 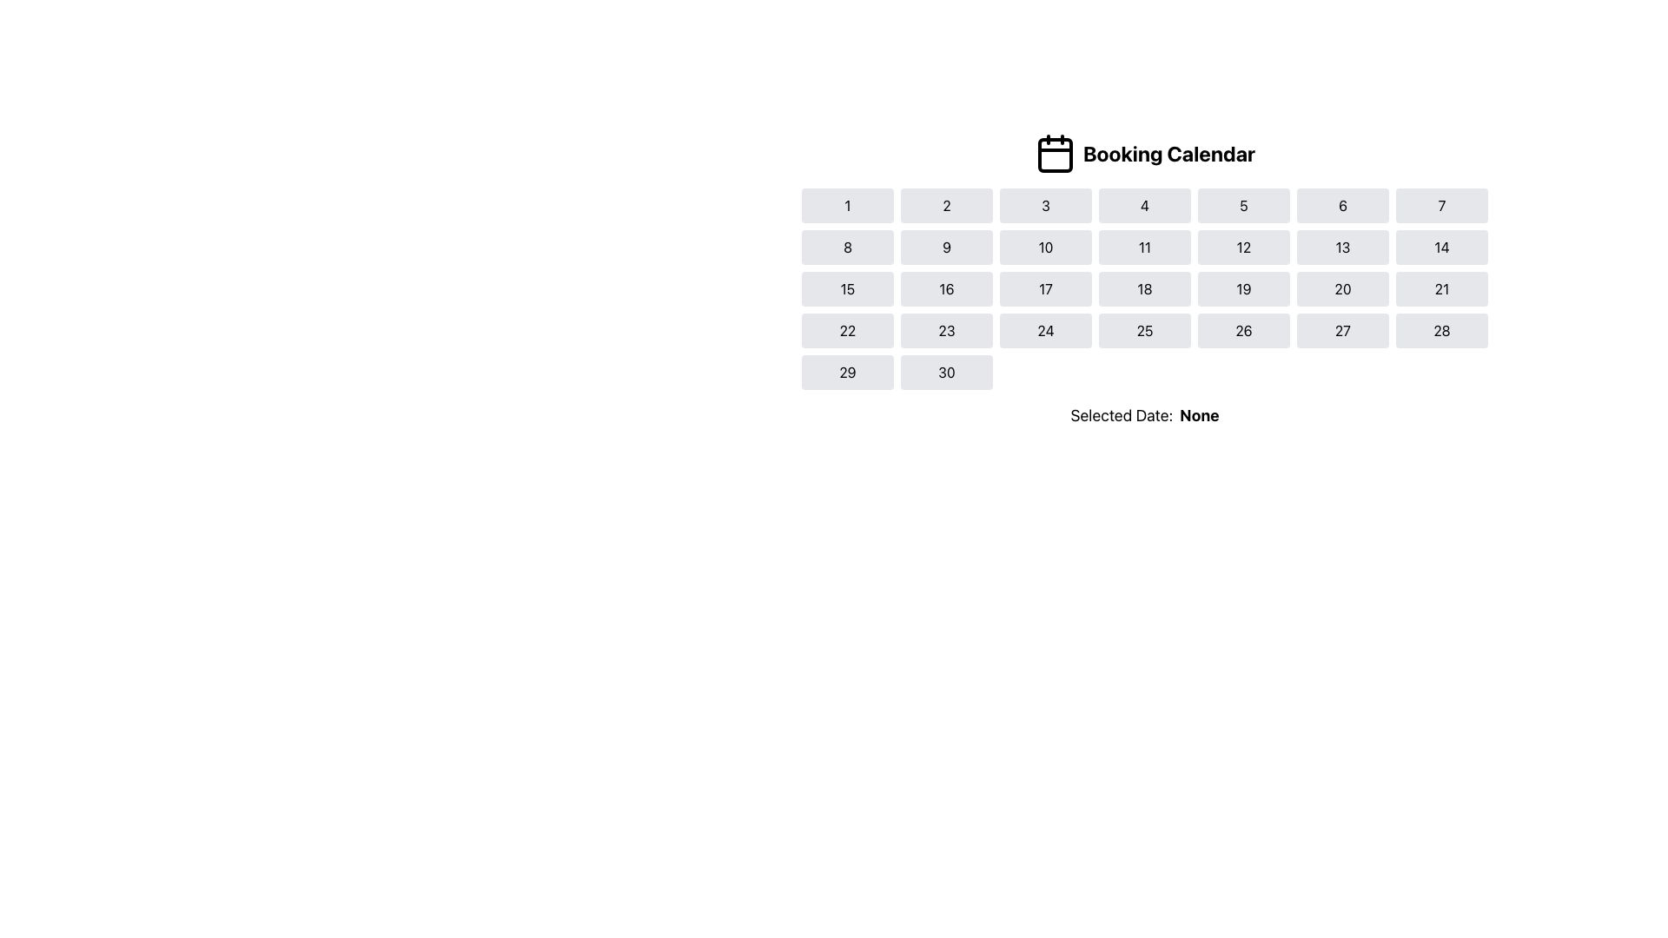 What do you see at coordinates (847, 287) in the screenshot?
I see `the rectangular button labeled '15' with a light gray background, positioned in the third row and first column under the 'Booking Calendar' header` at bounding box center [847, 287].